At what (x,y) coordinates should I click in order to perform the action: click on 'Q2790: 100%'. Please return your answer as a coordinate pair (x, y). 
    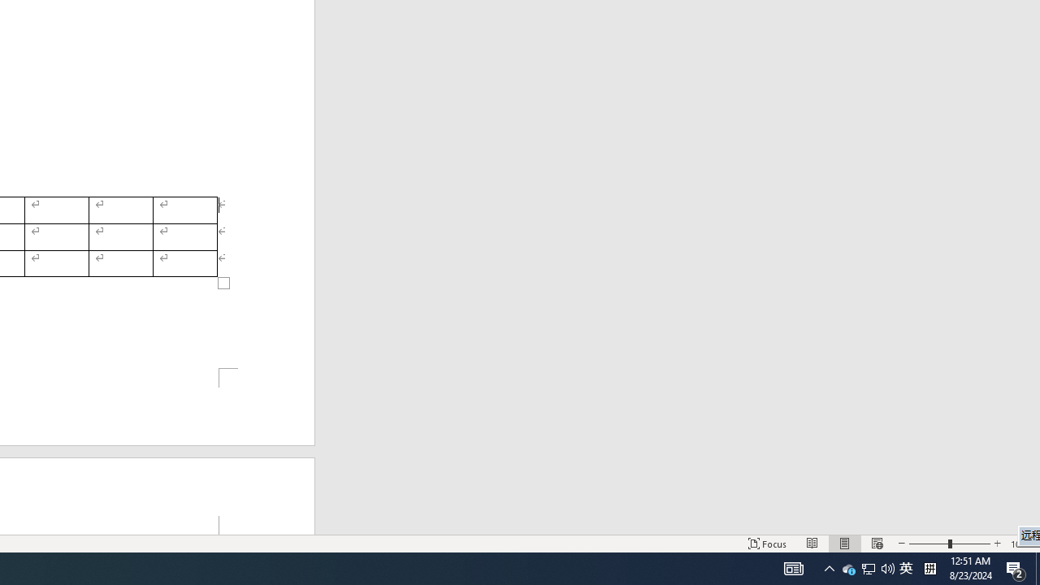
    Looking at the image, I should click on (887, 567).